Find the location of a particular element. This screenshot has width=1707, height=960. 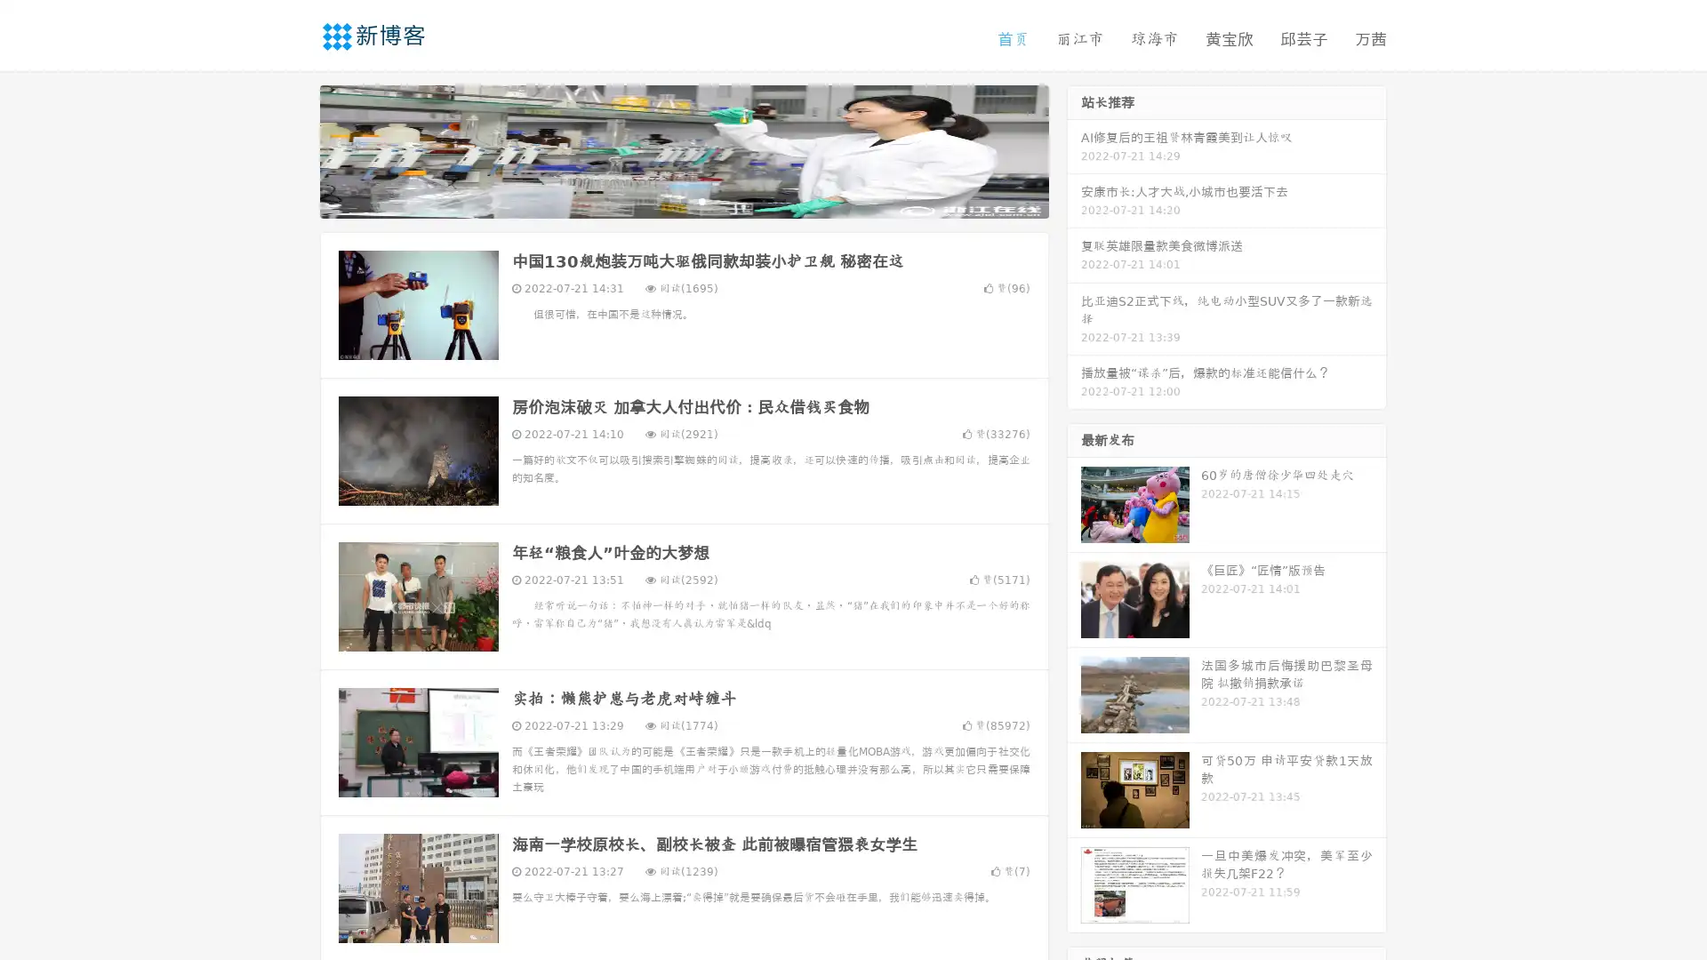

Go to slide 3 is located at coordinates (701, 200).